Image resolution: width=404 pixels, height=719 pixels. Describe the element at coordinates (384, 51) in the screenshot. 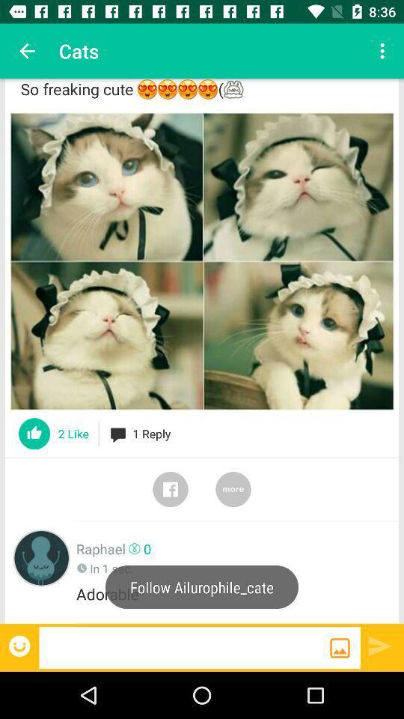

I see `the icon at the top right corner` at that location.